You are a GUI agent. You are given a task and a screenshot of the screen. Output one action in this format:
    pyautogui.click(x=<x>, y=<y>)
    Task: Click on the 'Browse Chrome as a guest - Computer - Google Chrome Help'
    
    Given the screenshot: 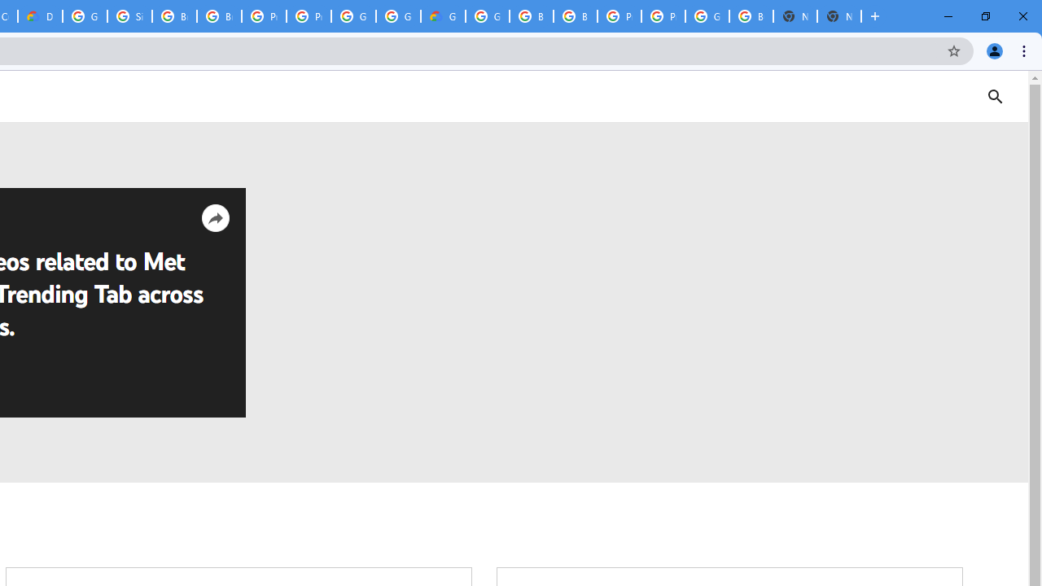 What is the action you would take?
    pyautogui.click(x=174, y=16)
    